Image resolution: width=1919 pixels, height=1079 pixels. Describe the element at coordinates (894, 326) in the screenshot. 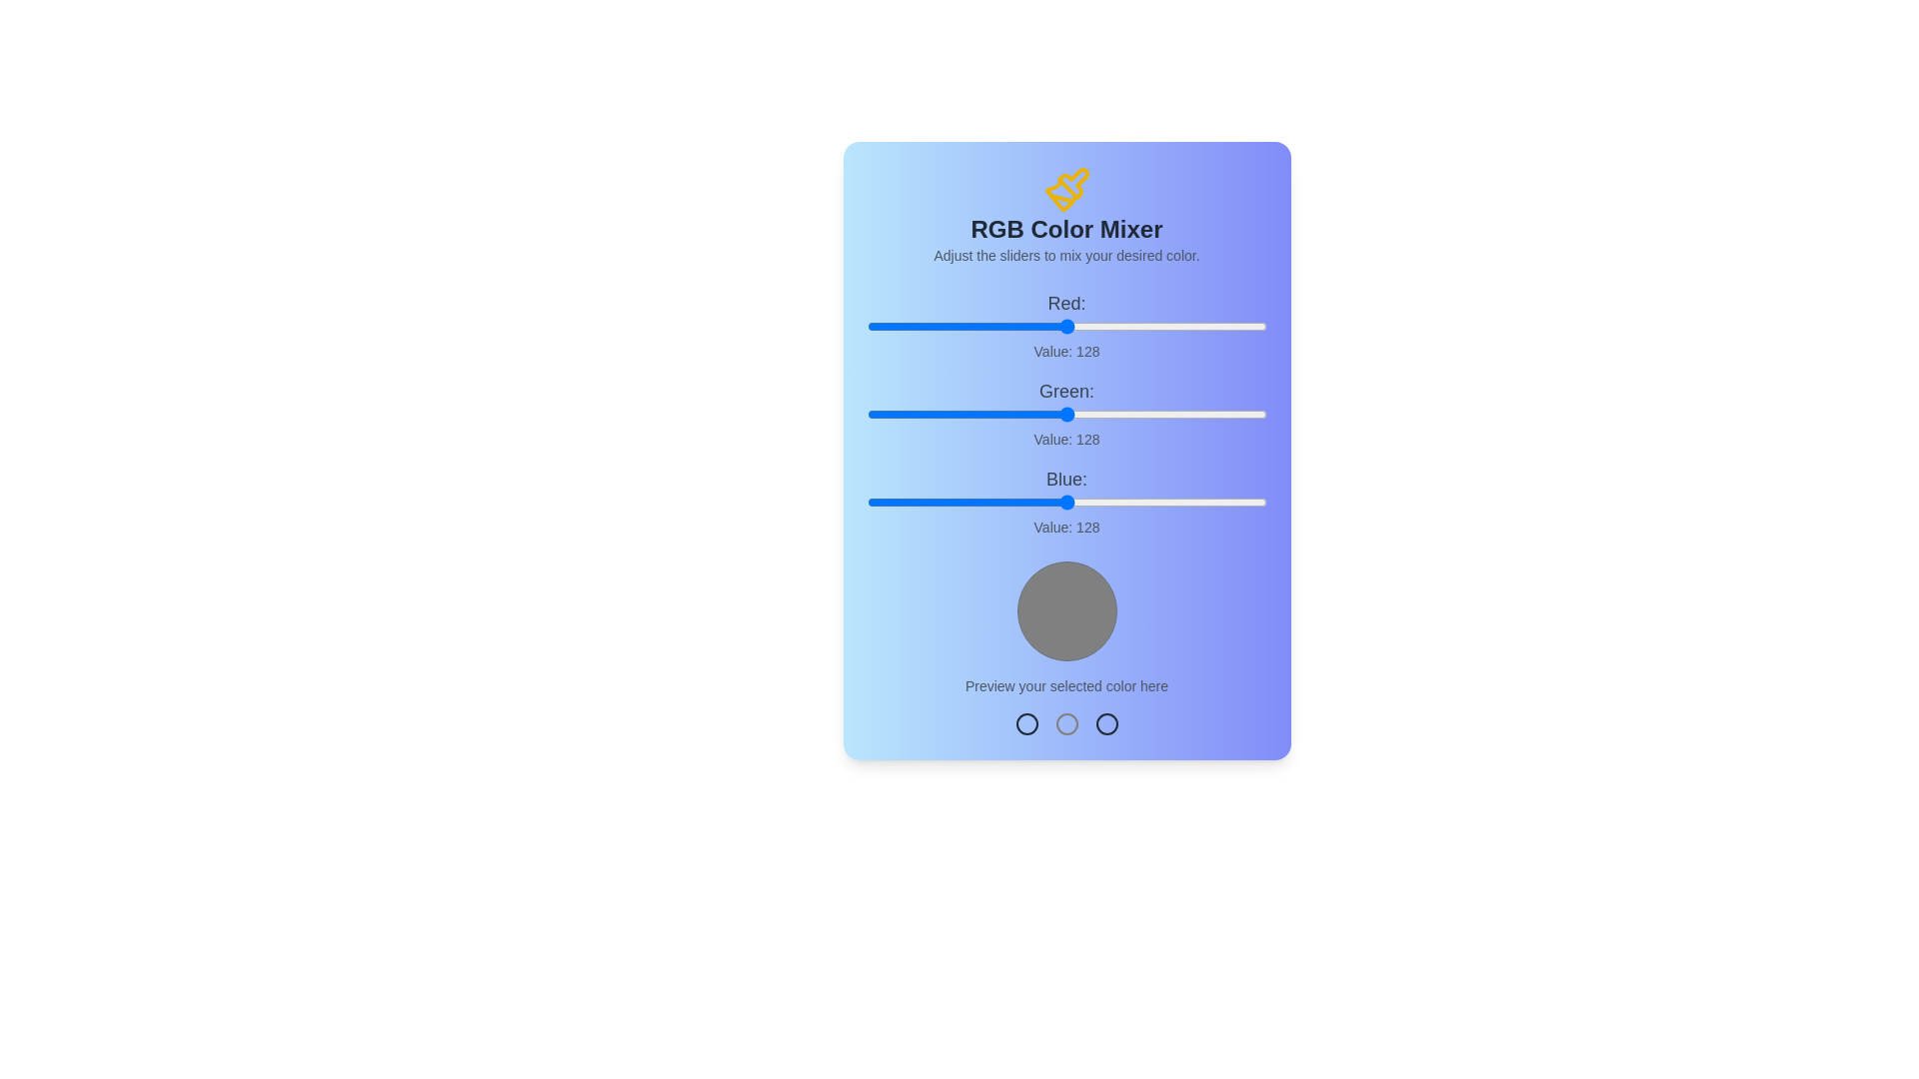

I see `the red slider to set the red component to 18` at that location.